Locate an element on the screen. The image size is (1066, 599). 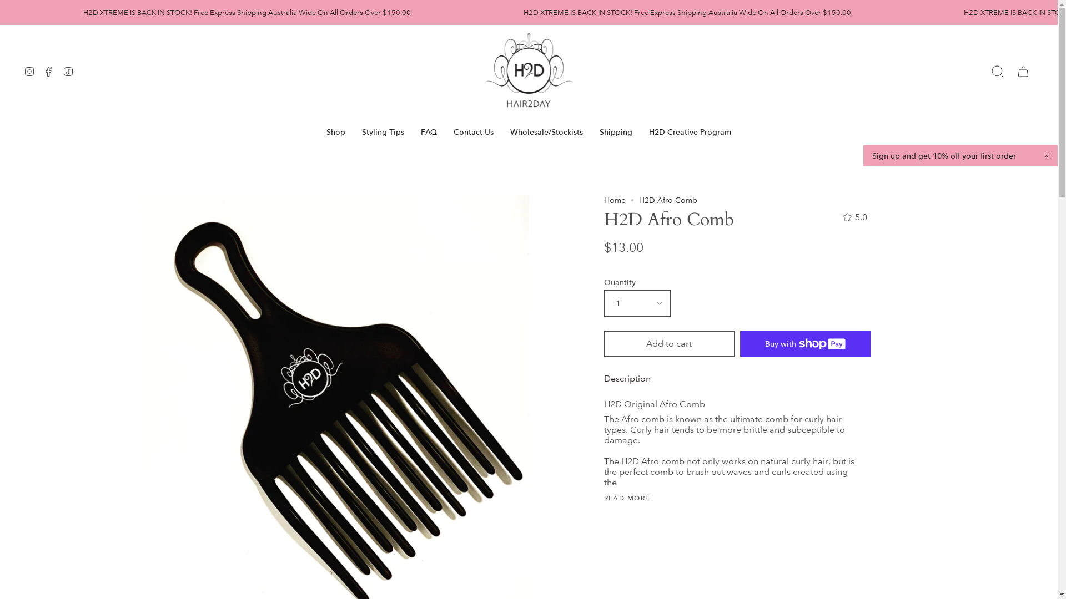
'TikTok' is located at coordinates (68, 72).